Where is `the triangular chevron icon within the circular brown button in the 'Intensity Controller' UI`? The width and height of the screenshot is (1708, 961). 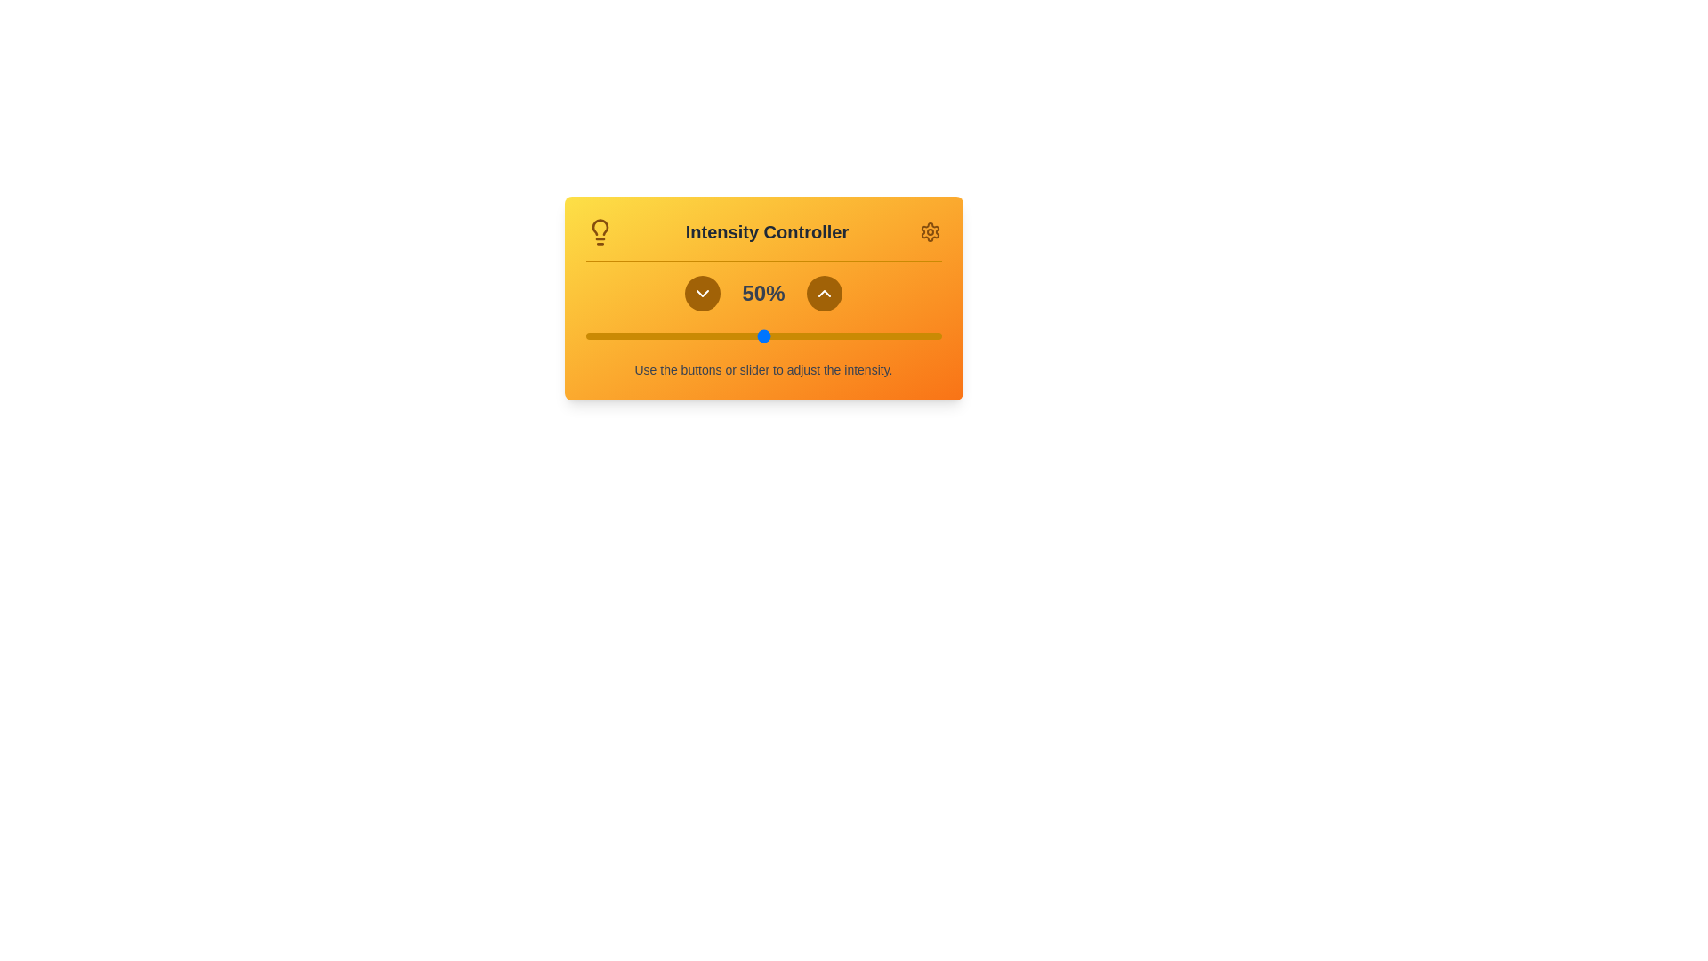 the triangular chevron icon within the circular brown button in the 'Intensity Controller' UI is located at coordinates (823, 293).